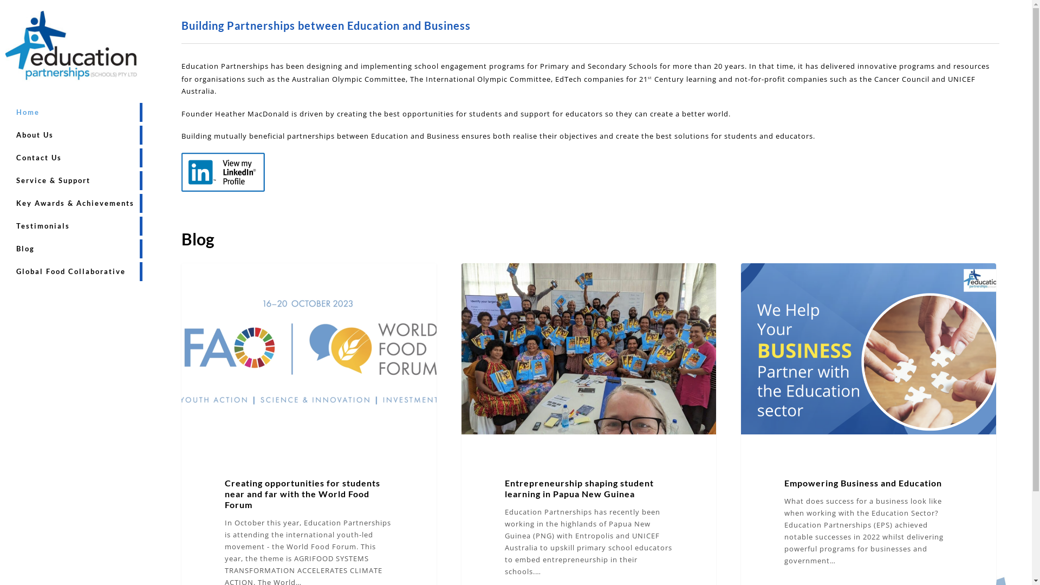 This screenshot has width=1040, height=585. Describe the element at coordinates (70, 271) in the screenshot. I see `'Global Food Collaborative'` at that location.